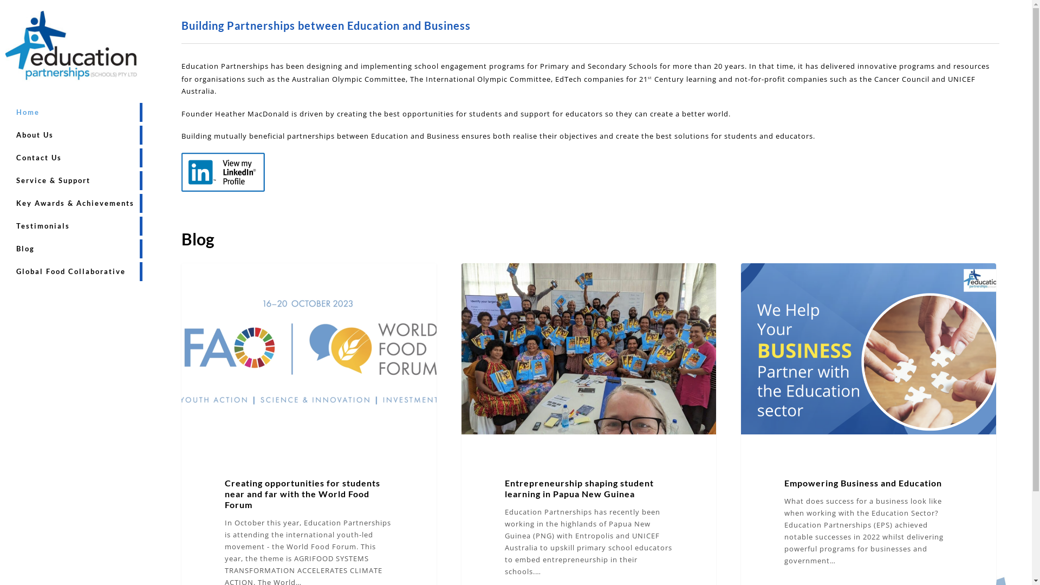 This screenshot has width=1040, height=585. Describe the element at coordinates (70, 271) in the screenshot. I see `'Global Food Collaborative'` at that location.